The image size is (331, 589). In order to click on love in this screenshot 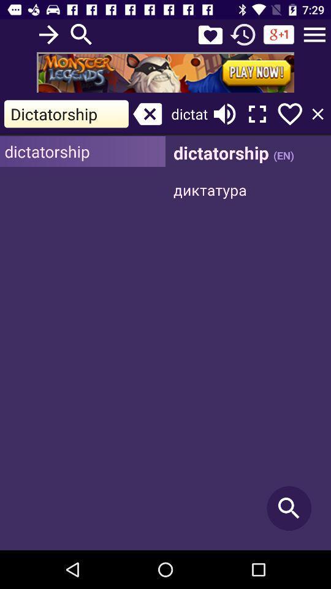, I will do `click(289, 114)`.